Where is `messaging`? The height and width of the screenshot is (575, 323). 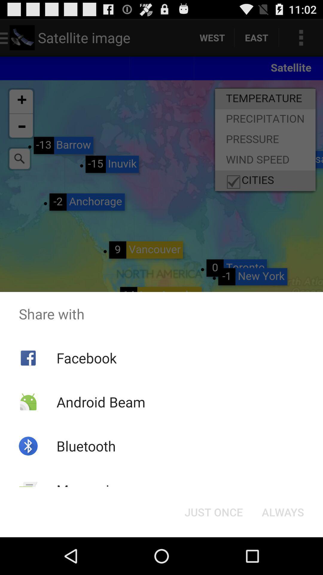 messaging is located at coordinates (91, 490).